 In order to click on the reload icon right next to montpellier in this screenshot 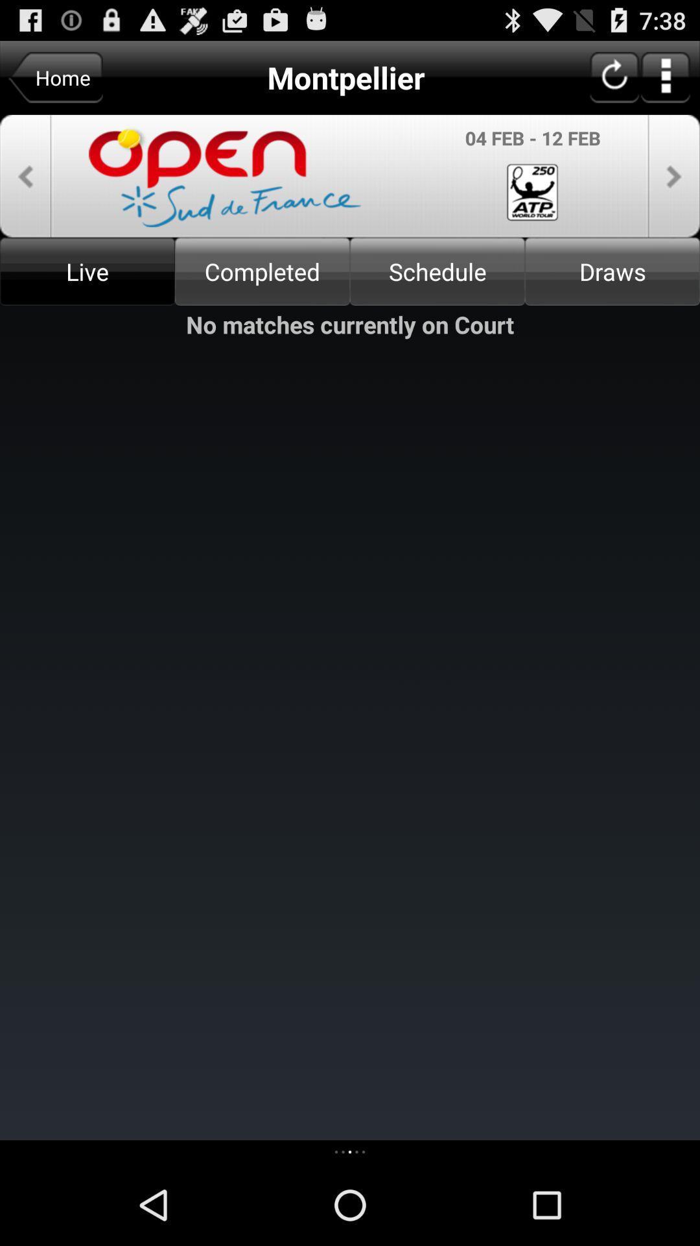, I will do `click(614, 77)`.